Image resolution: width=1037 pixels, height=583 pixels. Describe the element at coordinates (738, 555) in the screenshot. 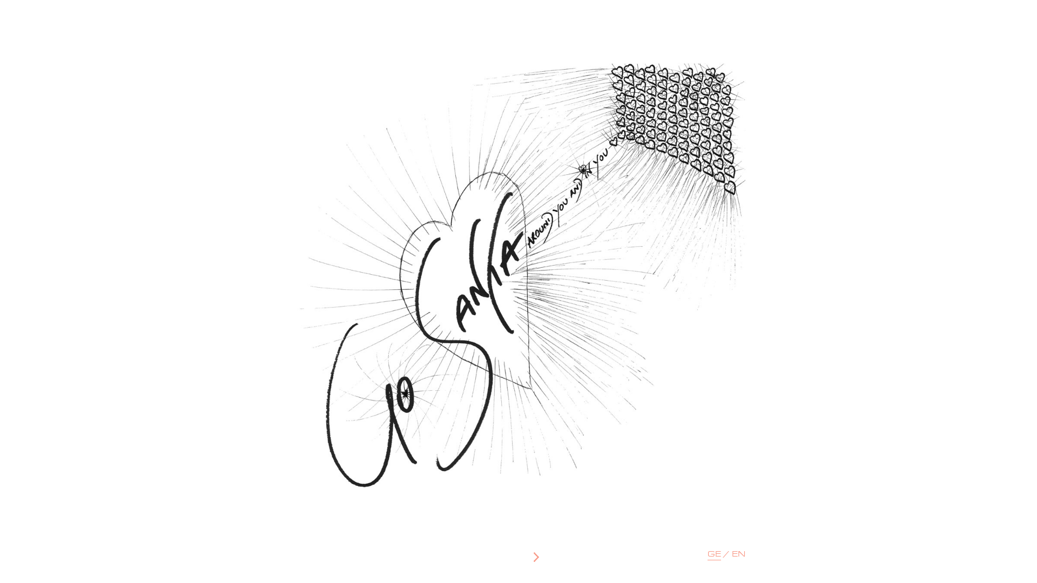

I see `'EN'` at that location.